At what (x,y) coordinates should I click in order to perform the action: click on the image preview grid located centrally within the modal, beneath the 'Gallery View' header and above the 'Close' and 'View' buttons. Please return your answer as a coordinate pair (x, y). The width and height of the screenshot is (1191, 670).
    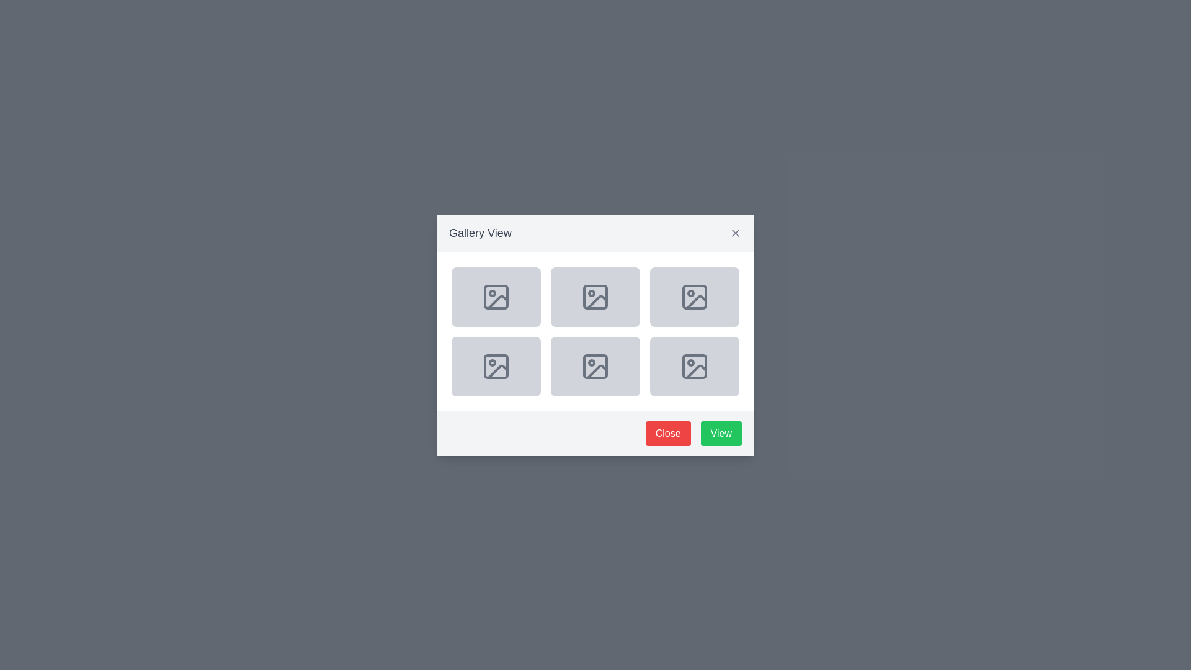
    Looking at the image, I should click on (595, 330).